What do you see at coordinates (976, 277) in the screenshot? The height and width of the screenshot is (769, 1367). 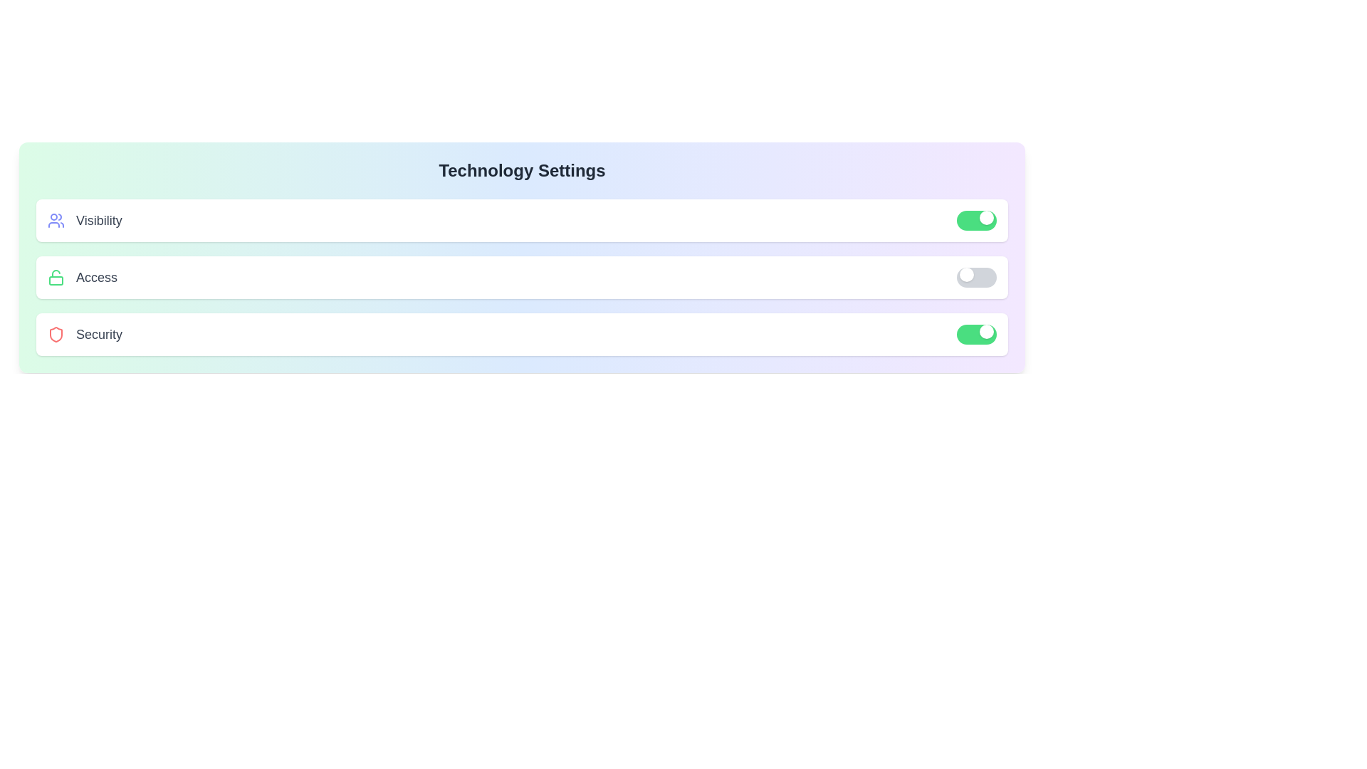 I see `toggle switch for access to change its state` at bounding box center [976, 277].